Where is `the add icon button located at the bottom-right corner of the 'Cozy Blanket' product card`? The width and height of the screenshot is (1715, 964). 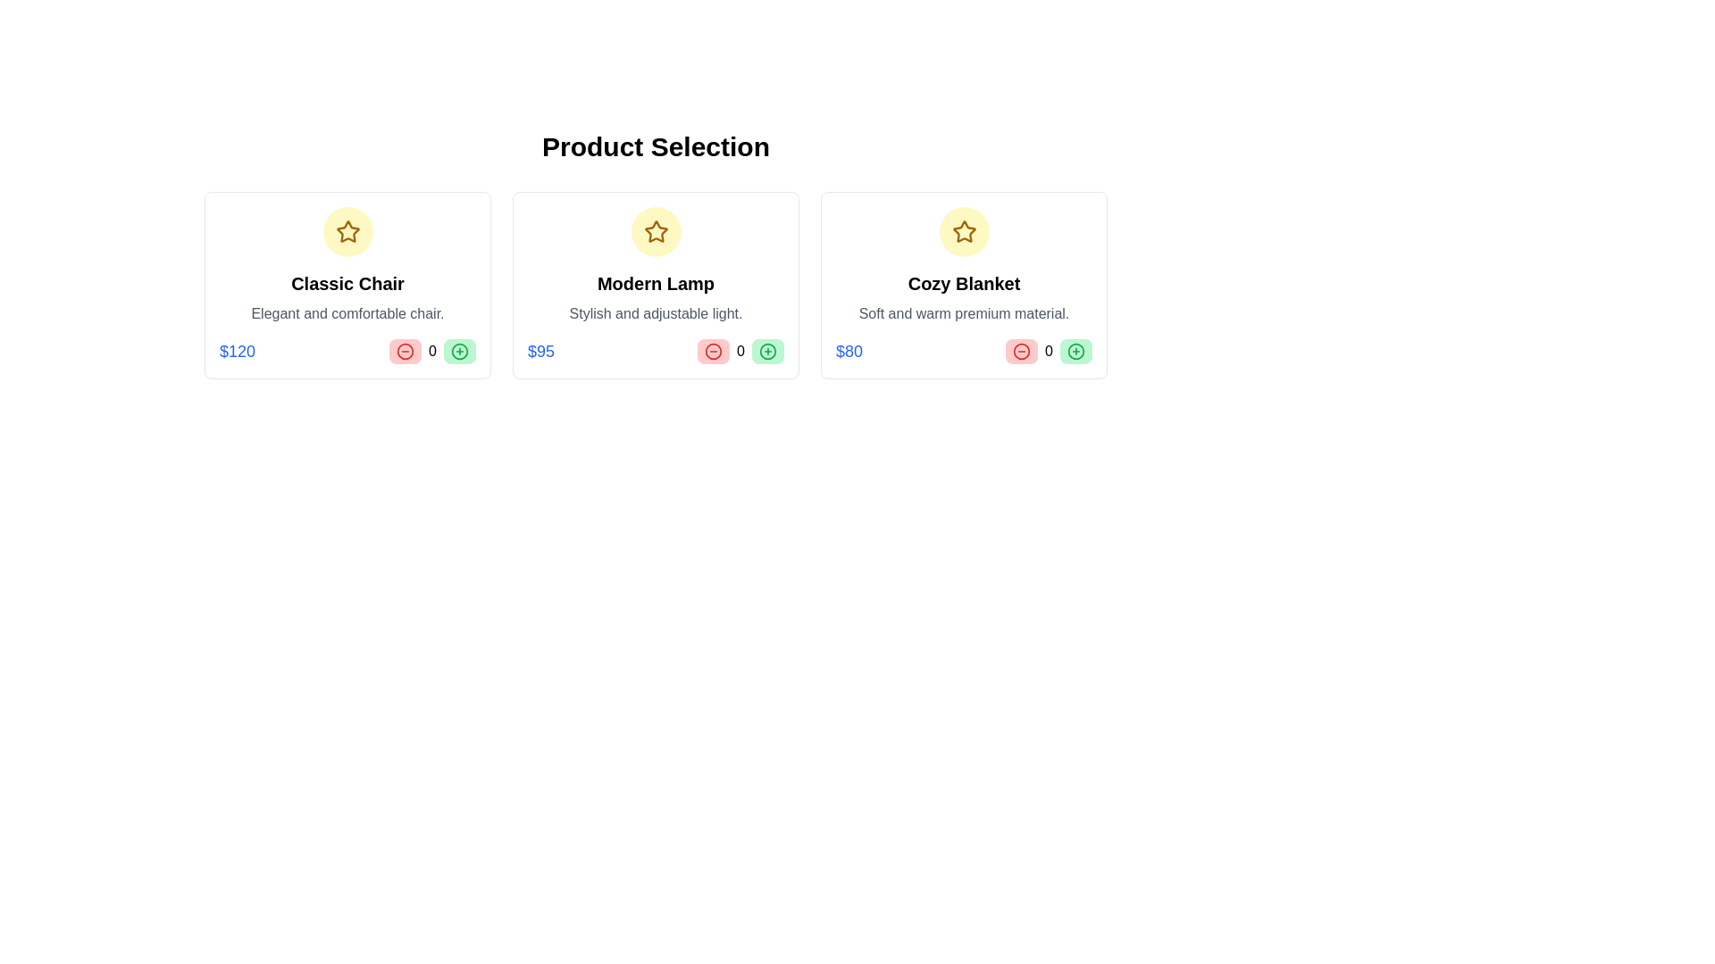
the add icon button located at the bottom-right corner of the 'Cozy Blanket' product card is located at coordinates (1075, 351).